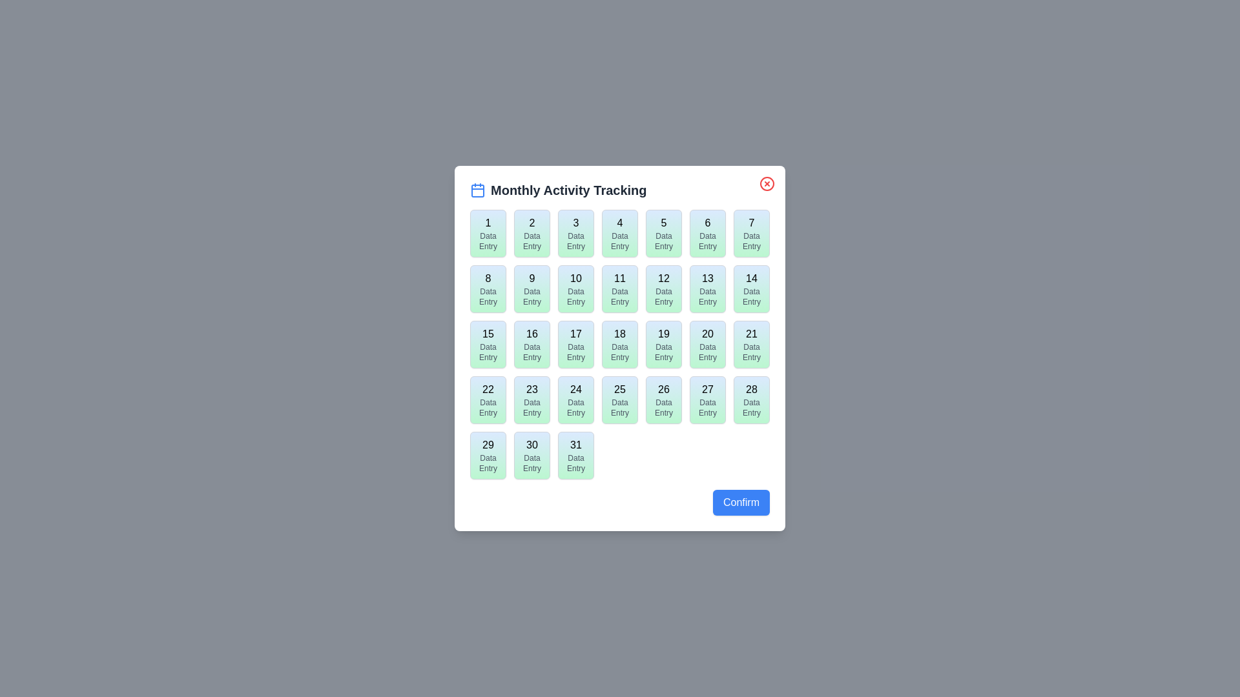  I want to click on the 'Confirm' button to confirm the dialog, so click(741, 502).